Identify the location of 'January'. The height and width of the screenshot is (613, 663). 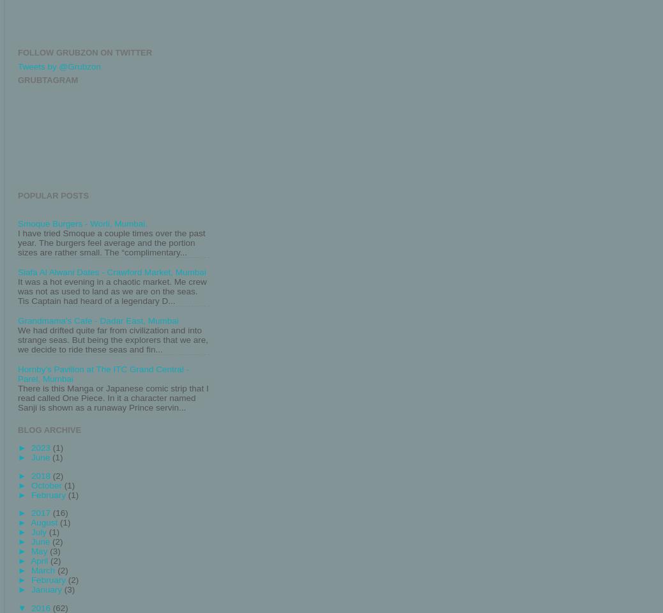
(47, 589).